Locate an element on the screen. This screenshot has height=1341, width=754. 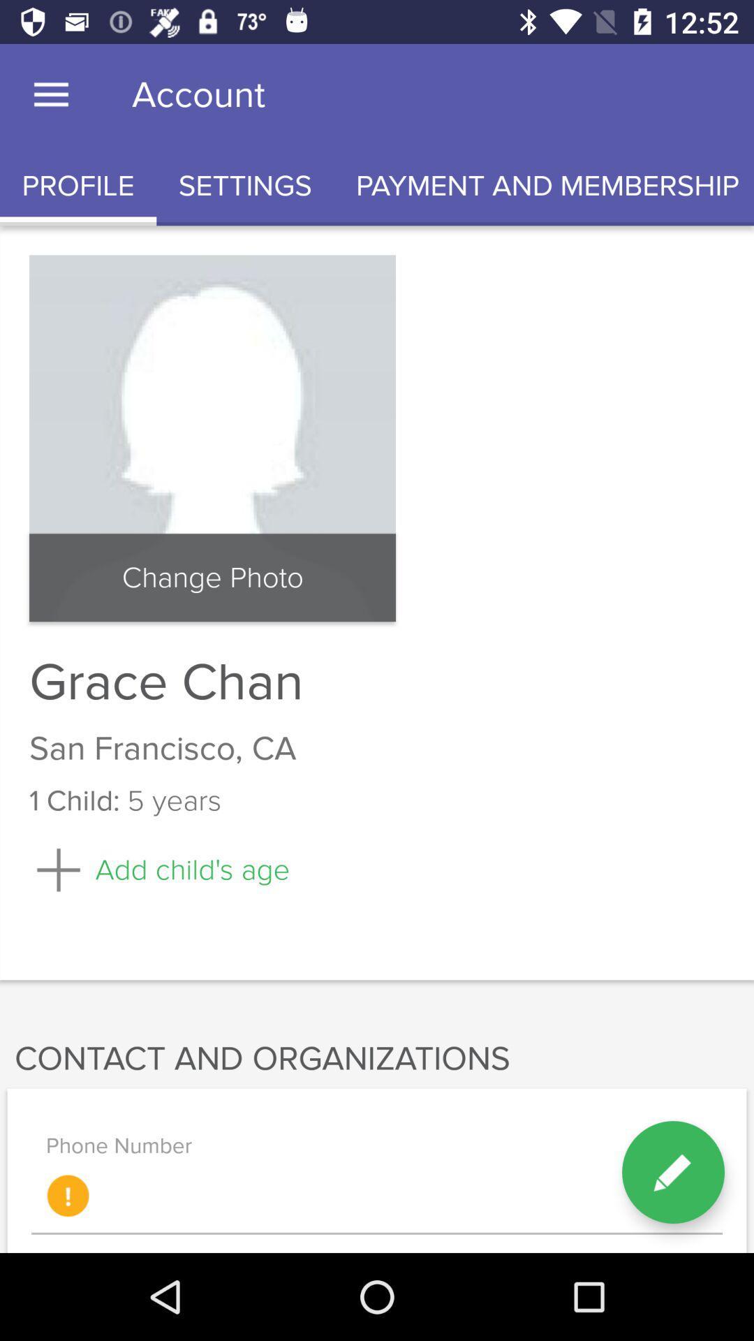
profile icon is located at coordinates (78, 185).